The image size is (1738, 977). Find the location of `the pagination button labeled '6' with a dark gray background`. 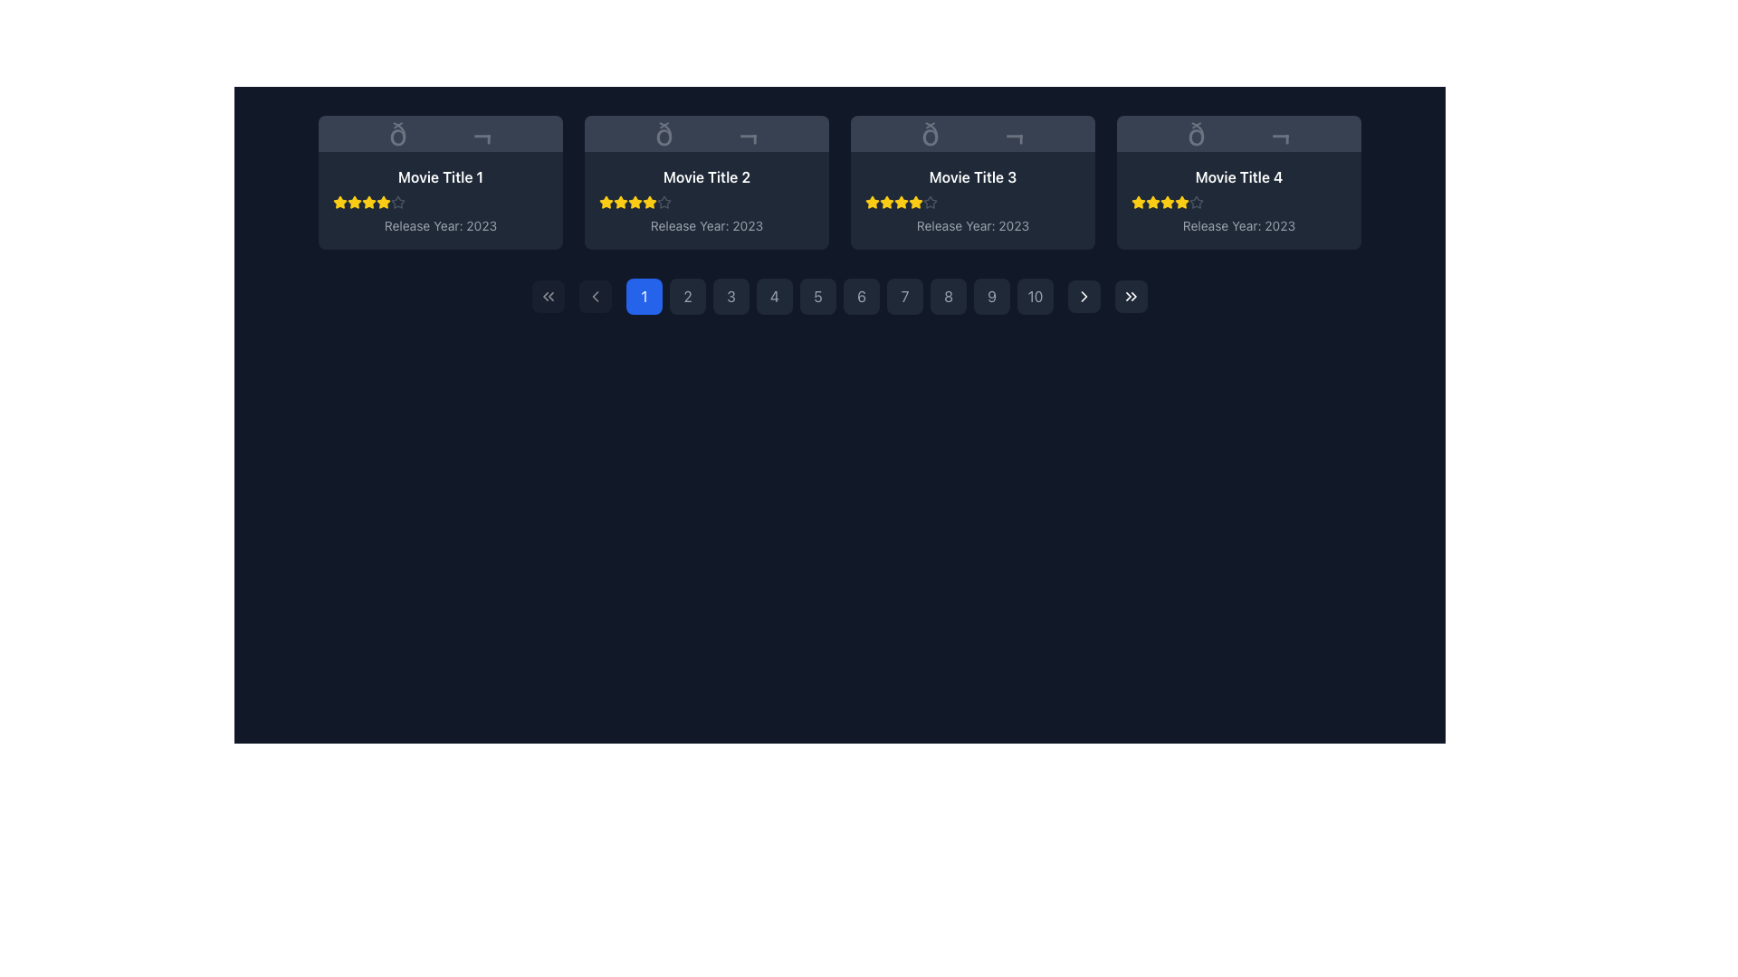

the pagination button labeled '6' with a dark gray background is located at coordinates (838, 295).